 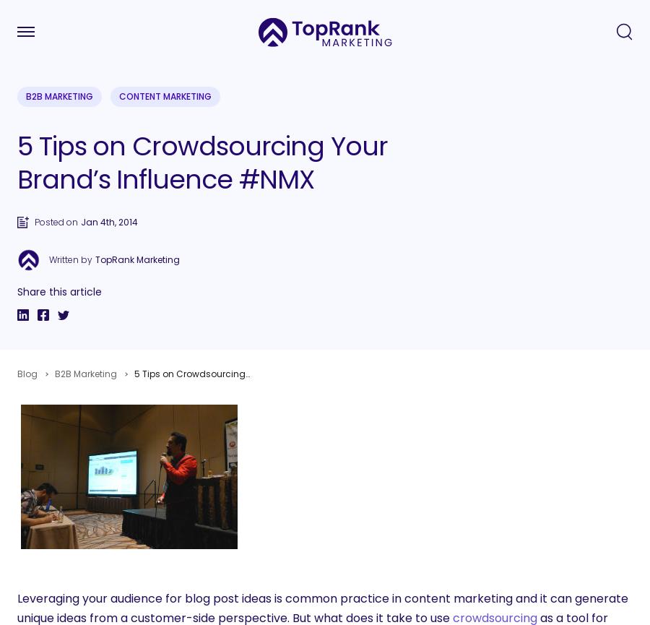 What do you see at coordinates (137, 259) in the screenshot?
I see `'TopRank Marketing'` at bounding box center [137, 259].